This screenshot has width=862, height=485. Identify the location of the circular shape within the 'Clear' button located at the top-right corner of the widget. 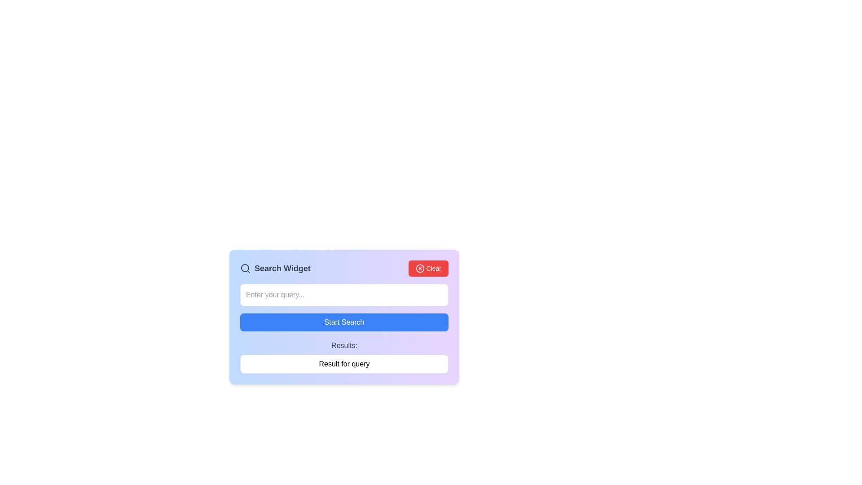
(419, 268).